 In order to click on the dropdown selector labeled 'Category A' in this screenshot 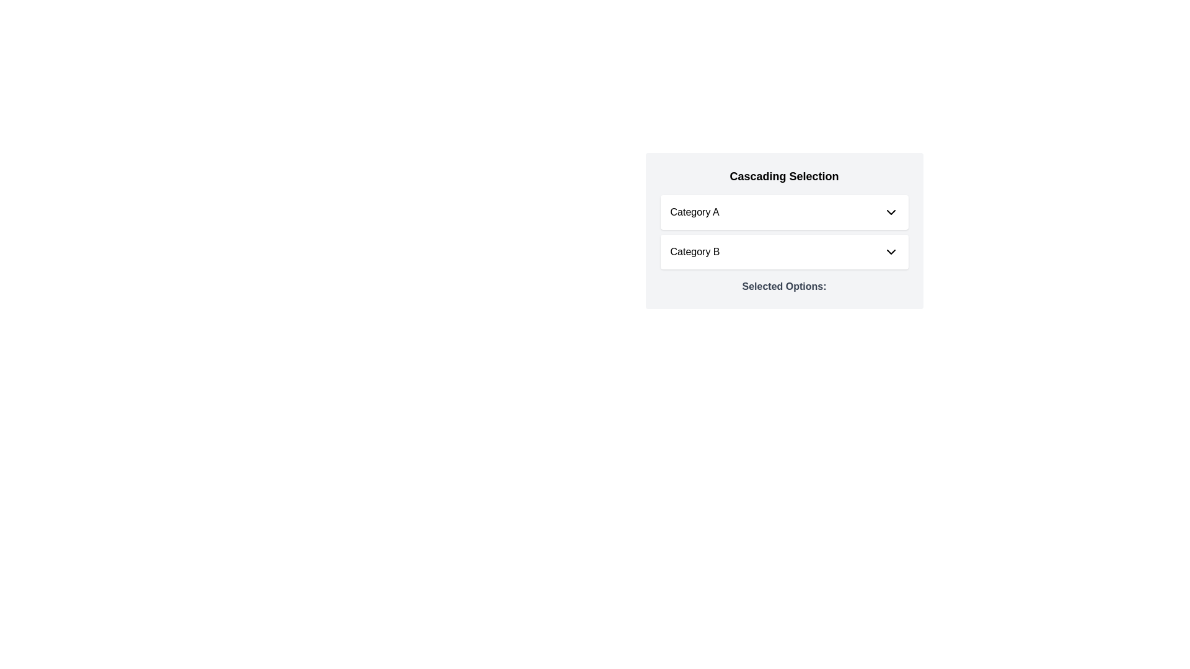, I will do `click(783, 212)`.